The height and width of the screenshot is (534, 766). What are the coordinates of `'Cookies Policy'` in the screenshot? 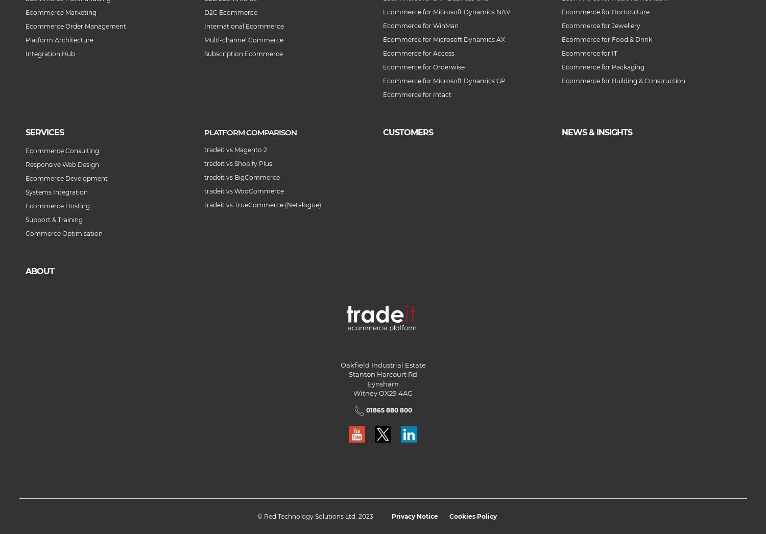 It's located at (473, 516).